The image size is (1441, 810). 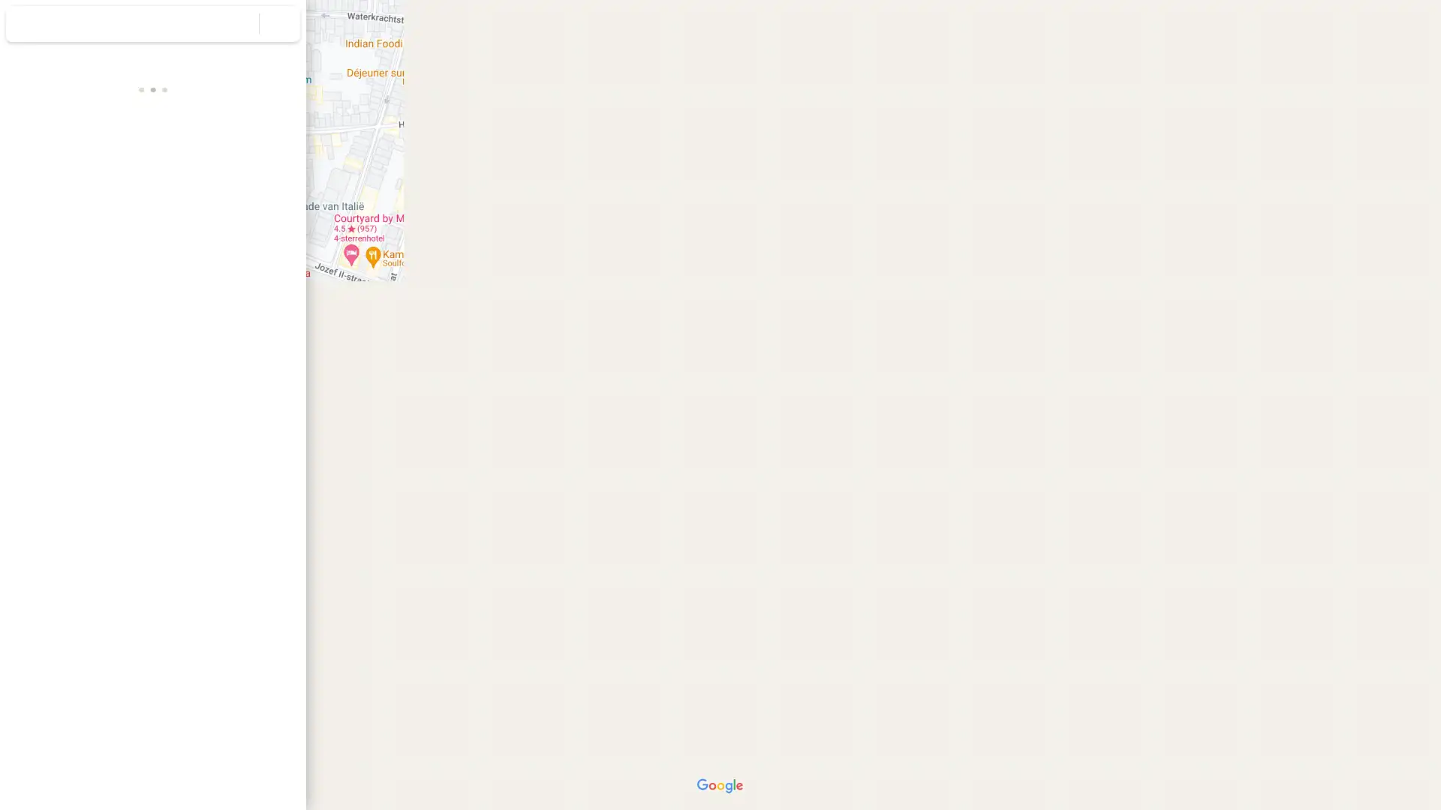 What do you see at coordinates (247, 370) in the screenshot?
I see `Plus Code kopieren` at bounding box center [247, 370].